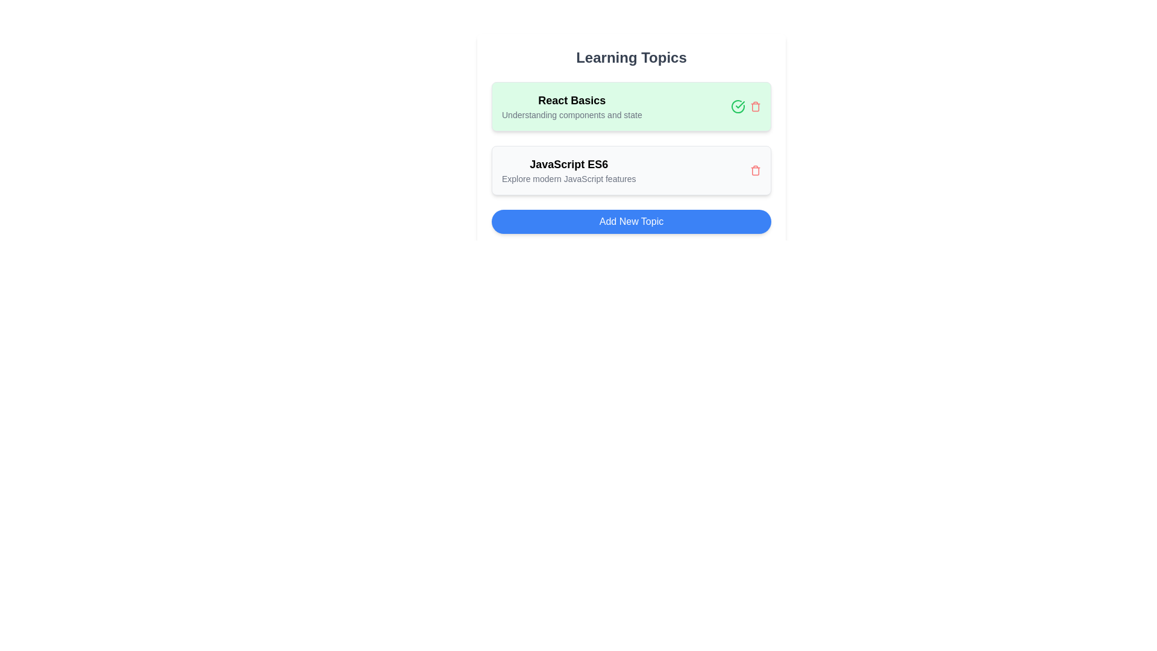 This screenshot has width=1157, height=651. Describe the element at coordinates (754, 170) in the screenshot. I see `the trash icon to delete the topic titled 'JavaScript ES6'` at that location.